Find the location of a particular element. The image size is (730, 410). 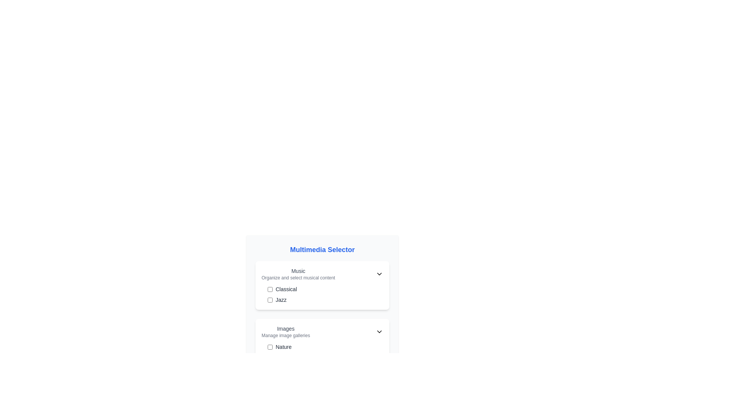

the interactive checkbox with a blue outline next to the text 'Jazz' in the 'Music' section of the 'Multimedia Selector' is located at coordinates (270, 300).